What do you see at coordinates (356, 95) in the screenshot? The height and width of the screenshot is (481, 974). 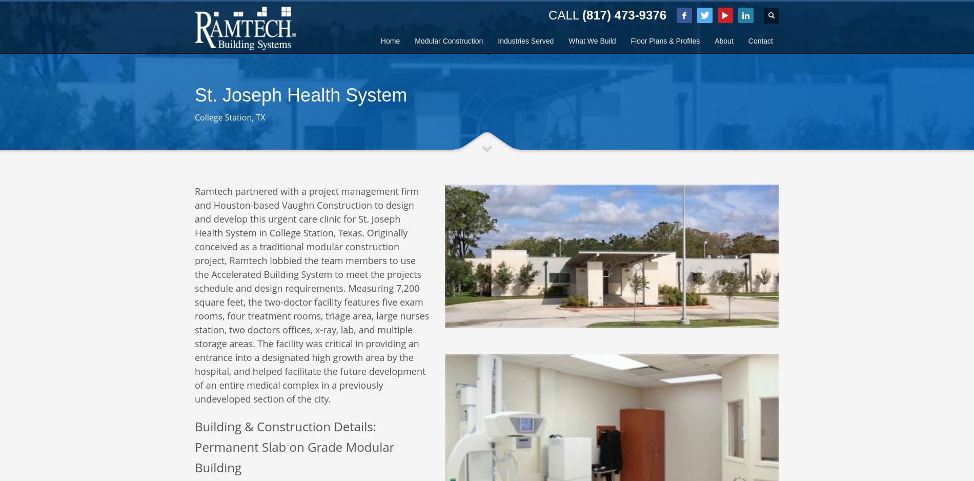 I see `'sales@ramtechmodular.com'` at bounding box center [356, 95].